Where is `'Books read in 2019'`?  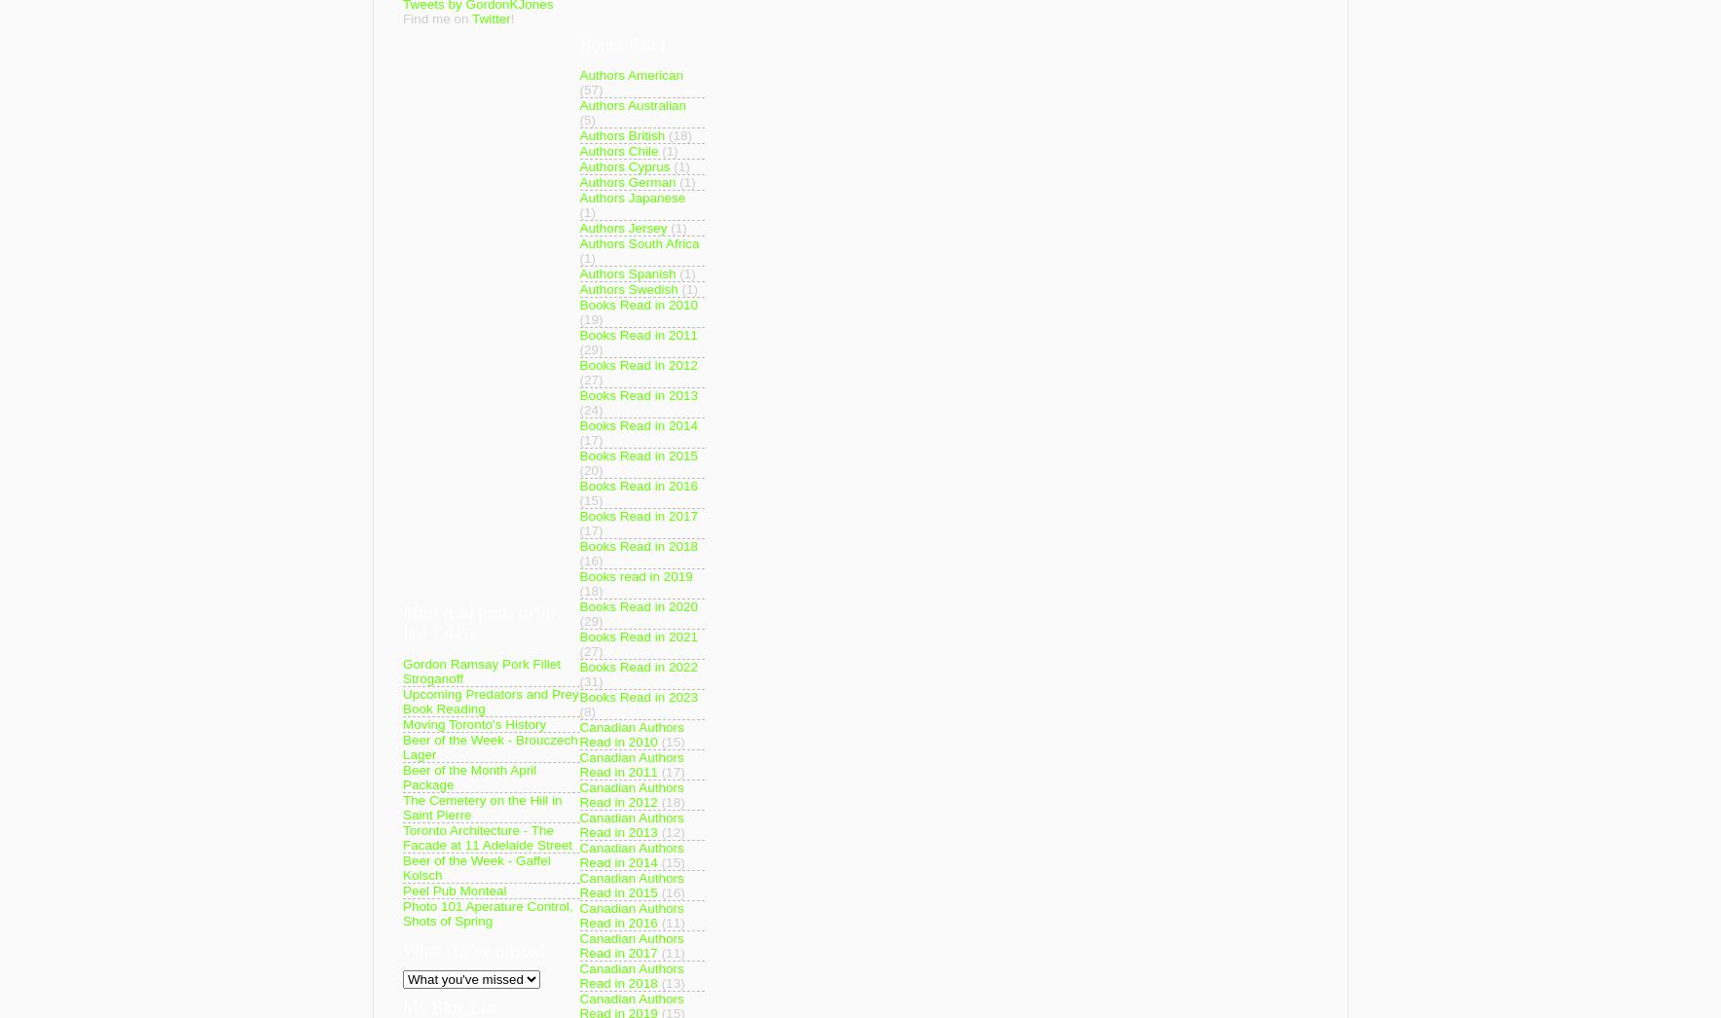
'Books read in 2019' is located at coordinates (634, 576).